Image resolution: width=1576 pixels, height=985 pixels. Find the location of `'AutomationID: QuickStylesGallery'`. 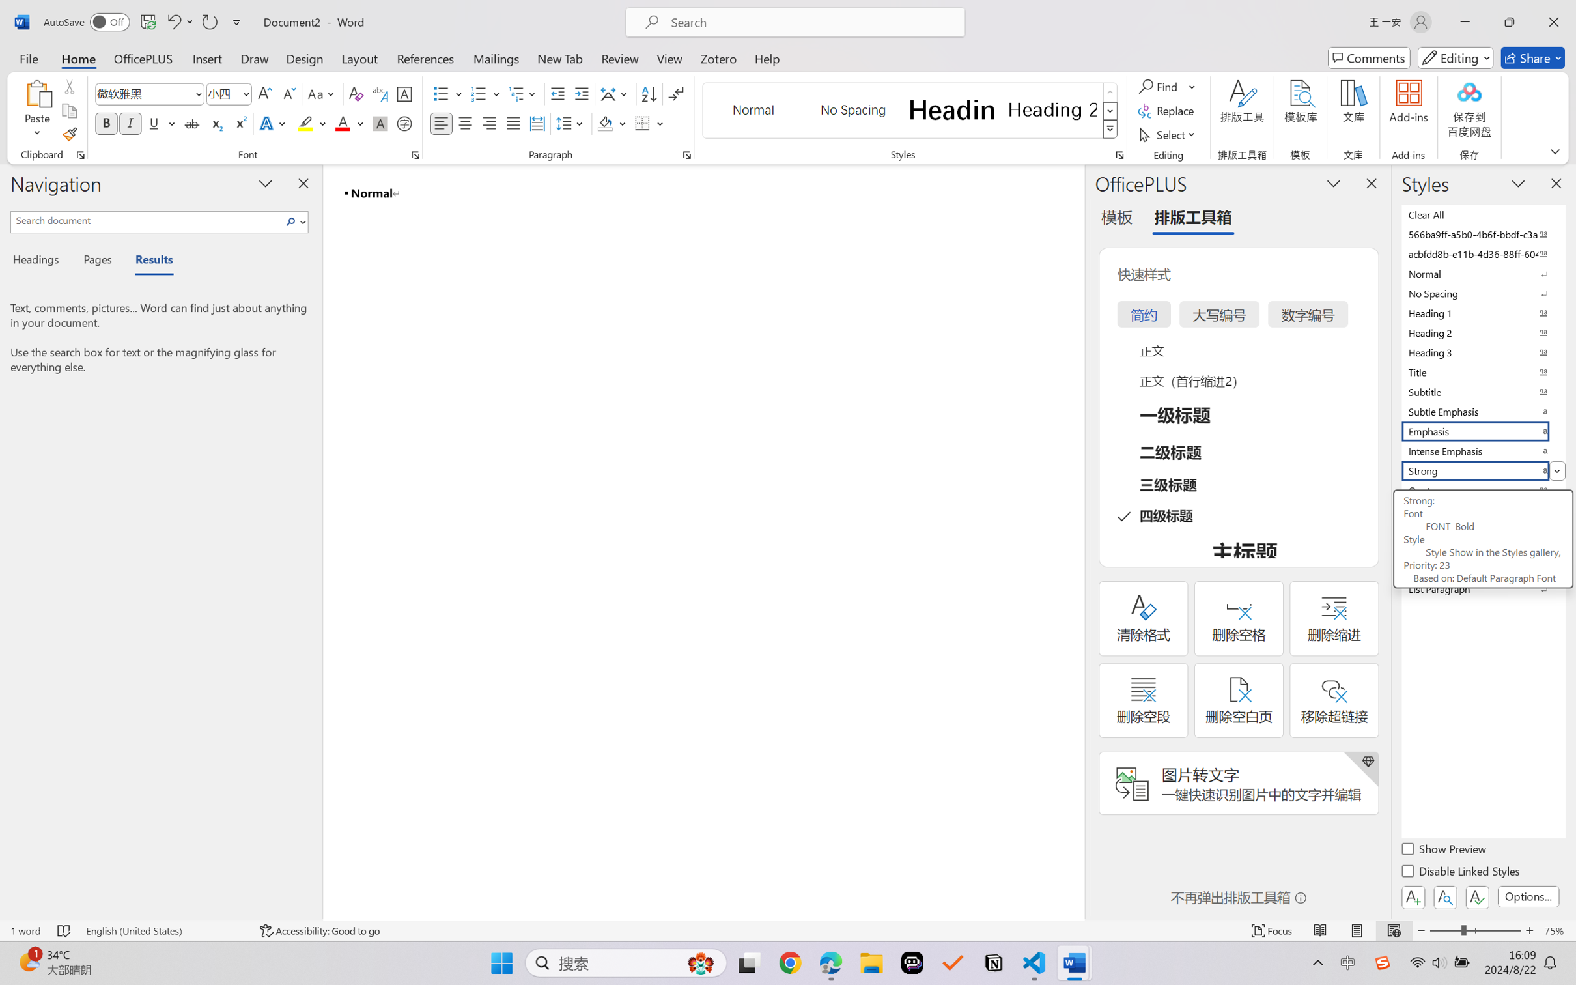

'AutomationID: QuickStylesGallery' is located at coordinates (910, 111).